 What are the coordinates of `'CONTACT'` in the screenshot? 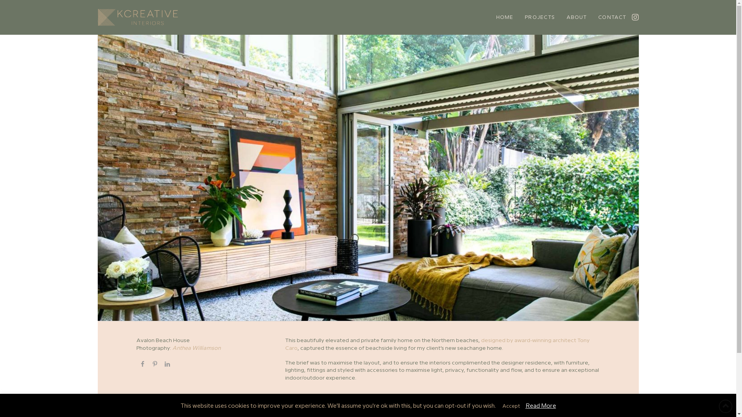 It's located at (612, 17).